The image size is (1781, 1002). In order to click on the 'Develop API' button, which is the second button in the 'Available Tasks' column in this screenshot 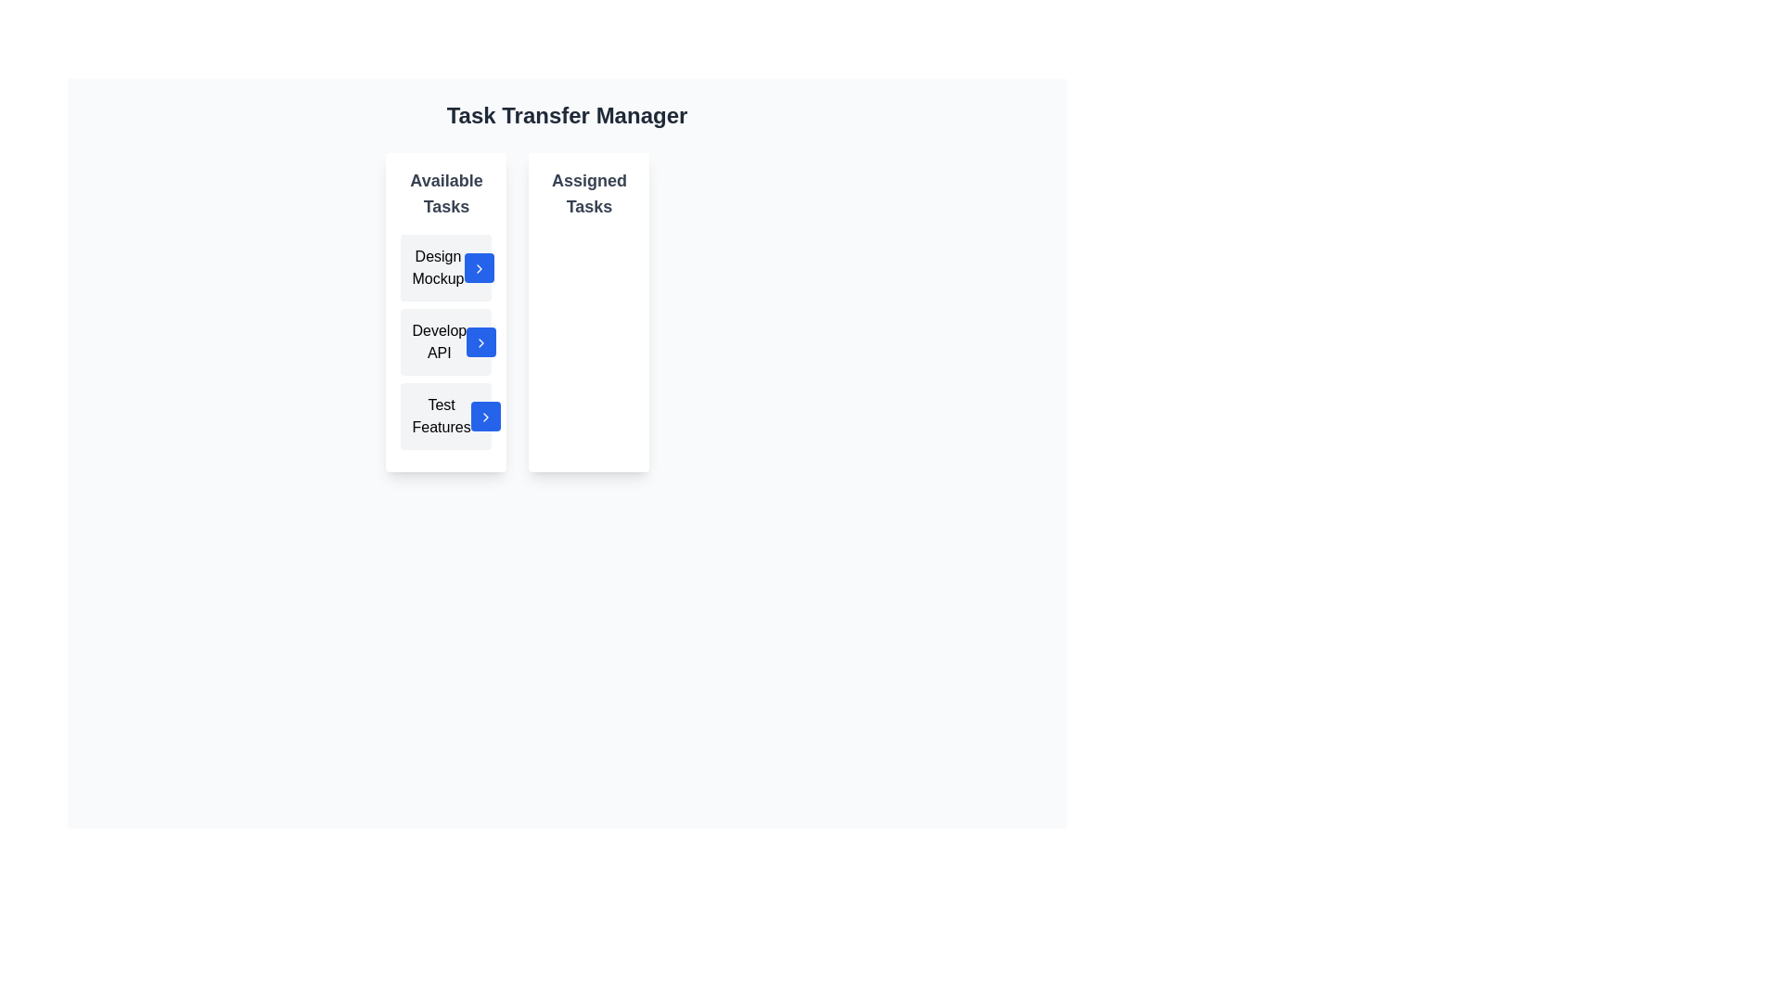, I will do `click(446, 342)`.